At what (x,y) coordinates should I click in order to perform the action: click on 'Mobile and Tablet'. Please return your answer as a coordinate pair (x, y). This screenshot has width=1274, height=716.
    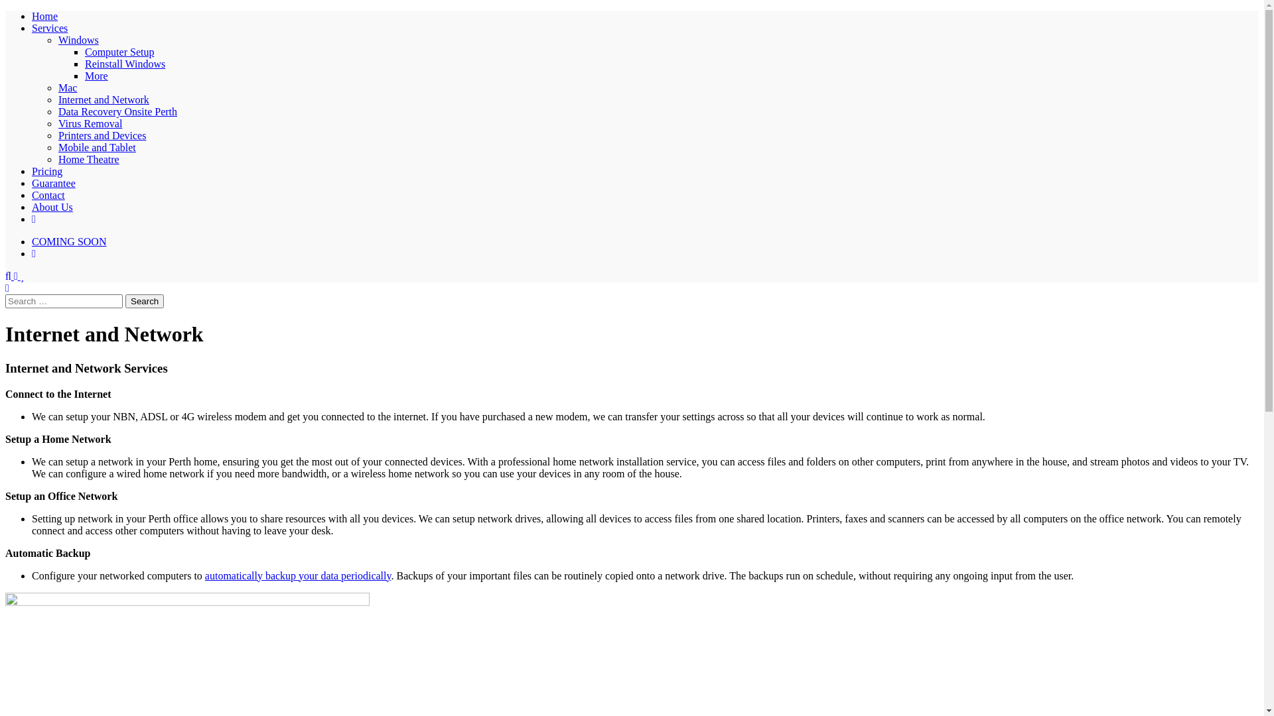
    Looking at the image, I should click on (57, 147).